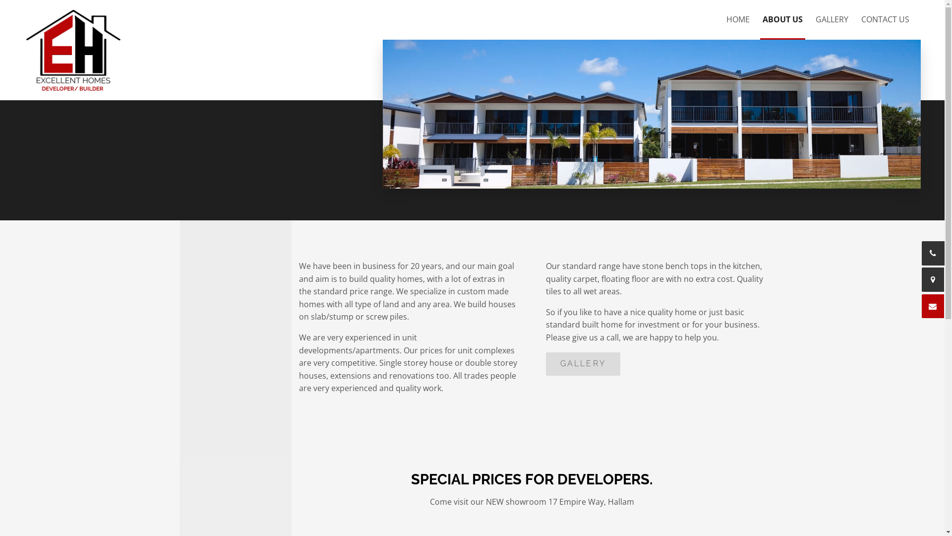  I want to click on 'GALLERY', so click(832, 19).